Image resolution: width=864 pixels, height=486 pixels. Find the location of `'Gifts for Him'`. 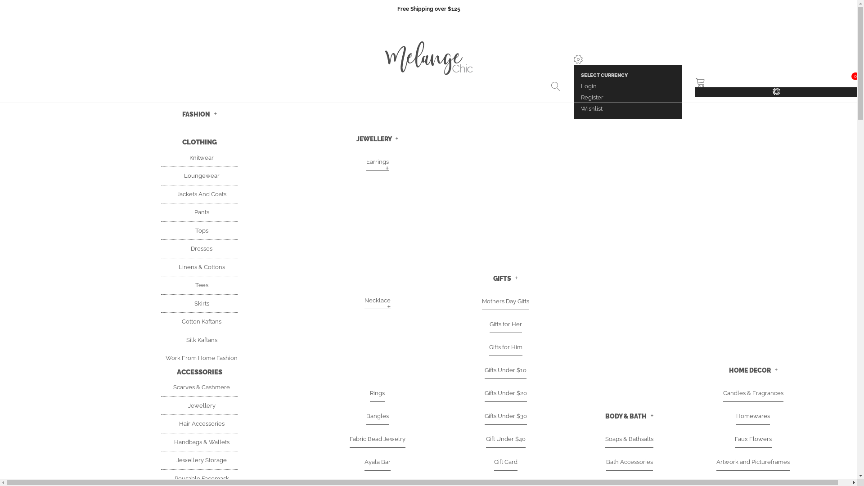

'Gifts for Him' is located at coordinates (488, 346).